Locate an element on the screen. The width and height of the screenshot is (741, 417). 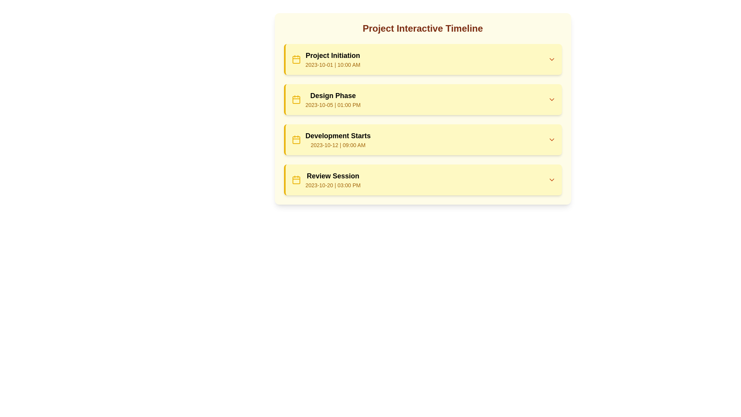
the Text Label that denotes the title of a timeline event, situated above the date and time text '2023-10-01 | 10:00 AM' in the Project Interactive Timeline section is located at coordinates (333, 55).